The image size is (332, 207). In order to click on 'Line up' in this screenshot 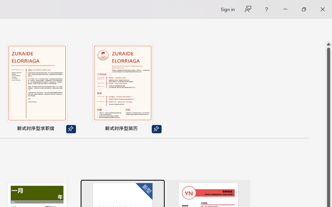, I will do `click(328, 44)`.